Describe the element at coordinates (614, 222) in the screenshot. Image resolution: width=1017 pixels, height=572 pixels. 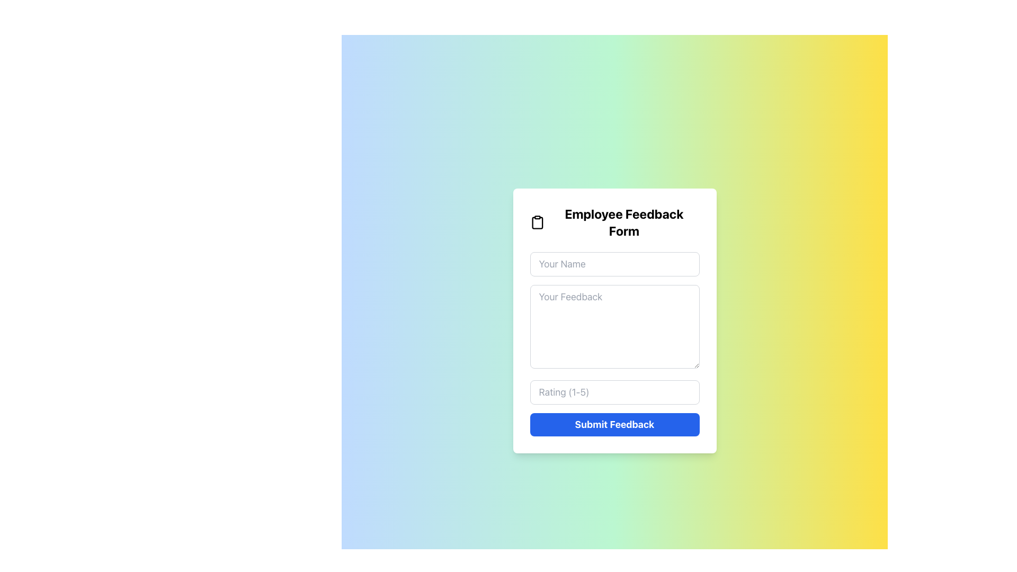
I see `the 'Employee Feedback Form' title with clipboard icon at the top of the form` at that location.